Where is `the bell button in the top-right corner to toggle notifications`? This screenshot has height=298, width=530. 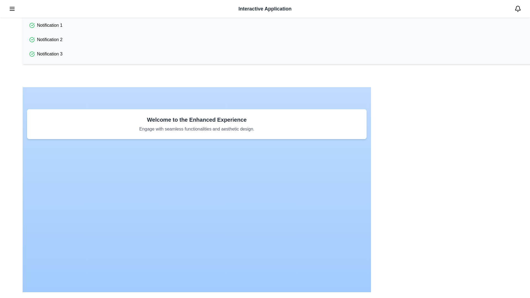 the bell button in the top-right corner to toggle notifications is located at coordinates (518, 9).